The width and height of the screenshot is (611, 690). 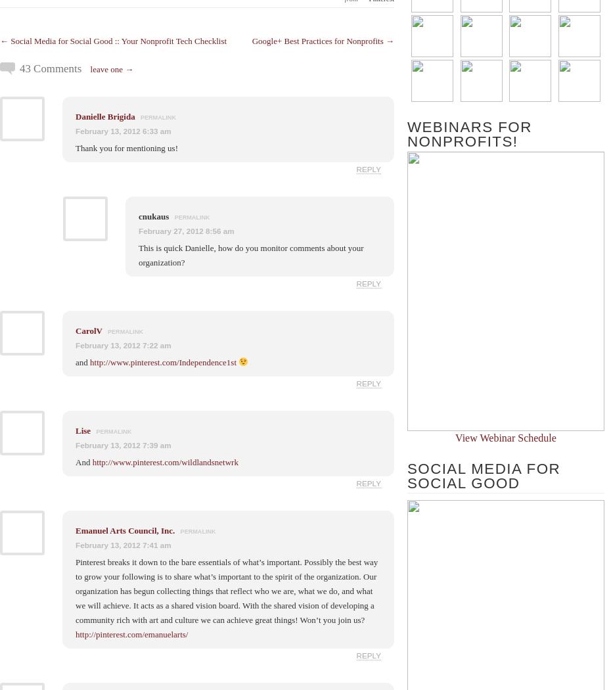 What do you see at coordinates (154, 216) in the screenshot?
I see `'cnukaus'` at bounding box center [154, 216].